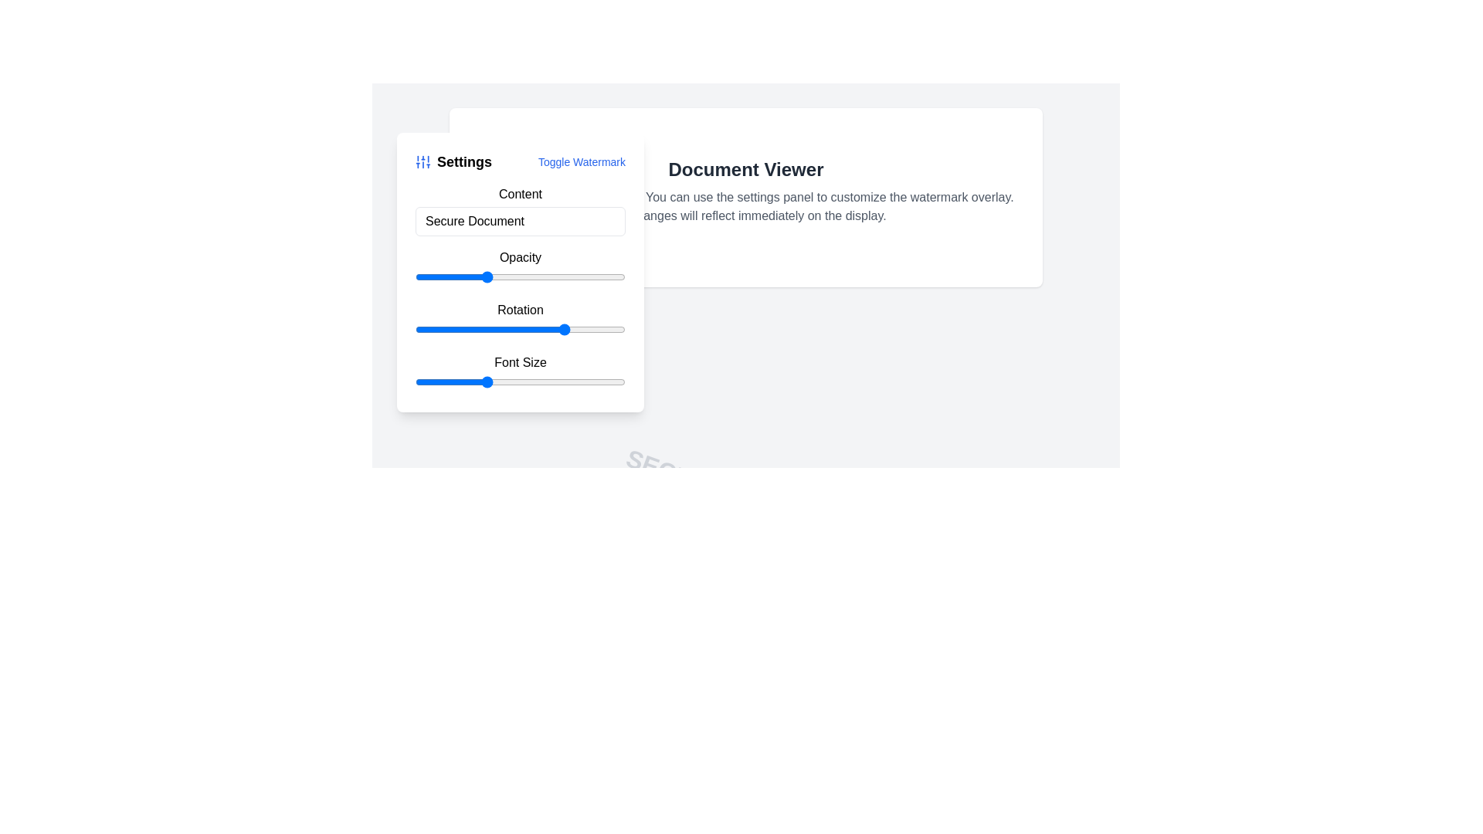 The image size is (1483, 834). I want to click on the font size slider, so click(471, 381).